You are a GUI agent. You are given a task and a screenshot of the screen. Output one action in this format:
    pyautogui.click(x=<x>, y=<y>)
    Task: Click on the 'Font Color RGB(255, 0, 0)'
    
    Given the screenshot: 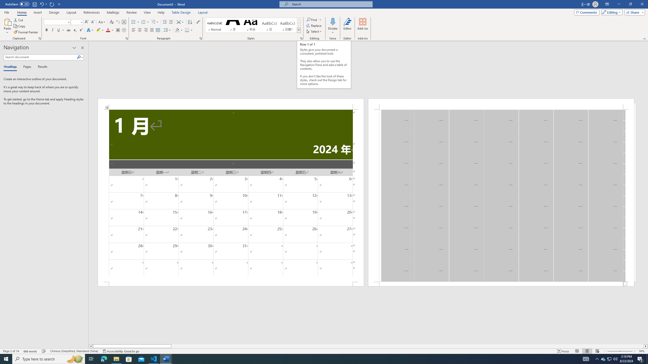 What is the action you would take?
    pyautogui.click(x=108, y=30)
    